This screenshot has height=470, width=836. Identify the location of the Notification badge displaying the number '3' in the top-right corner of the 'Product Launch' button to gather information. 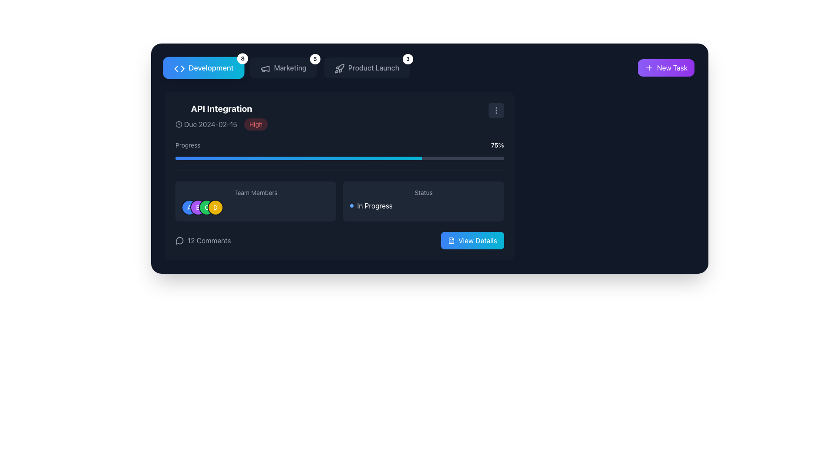
(407, 59).